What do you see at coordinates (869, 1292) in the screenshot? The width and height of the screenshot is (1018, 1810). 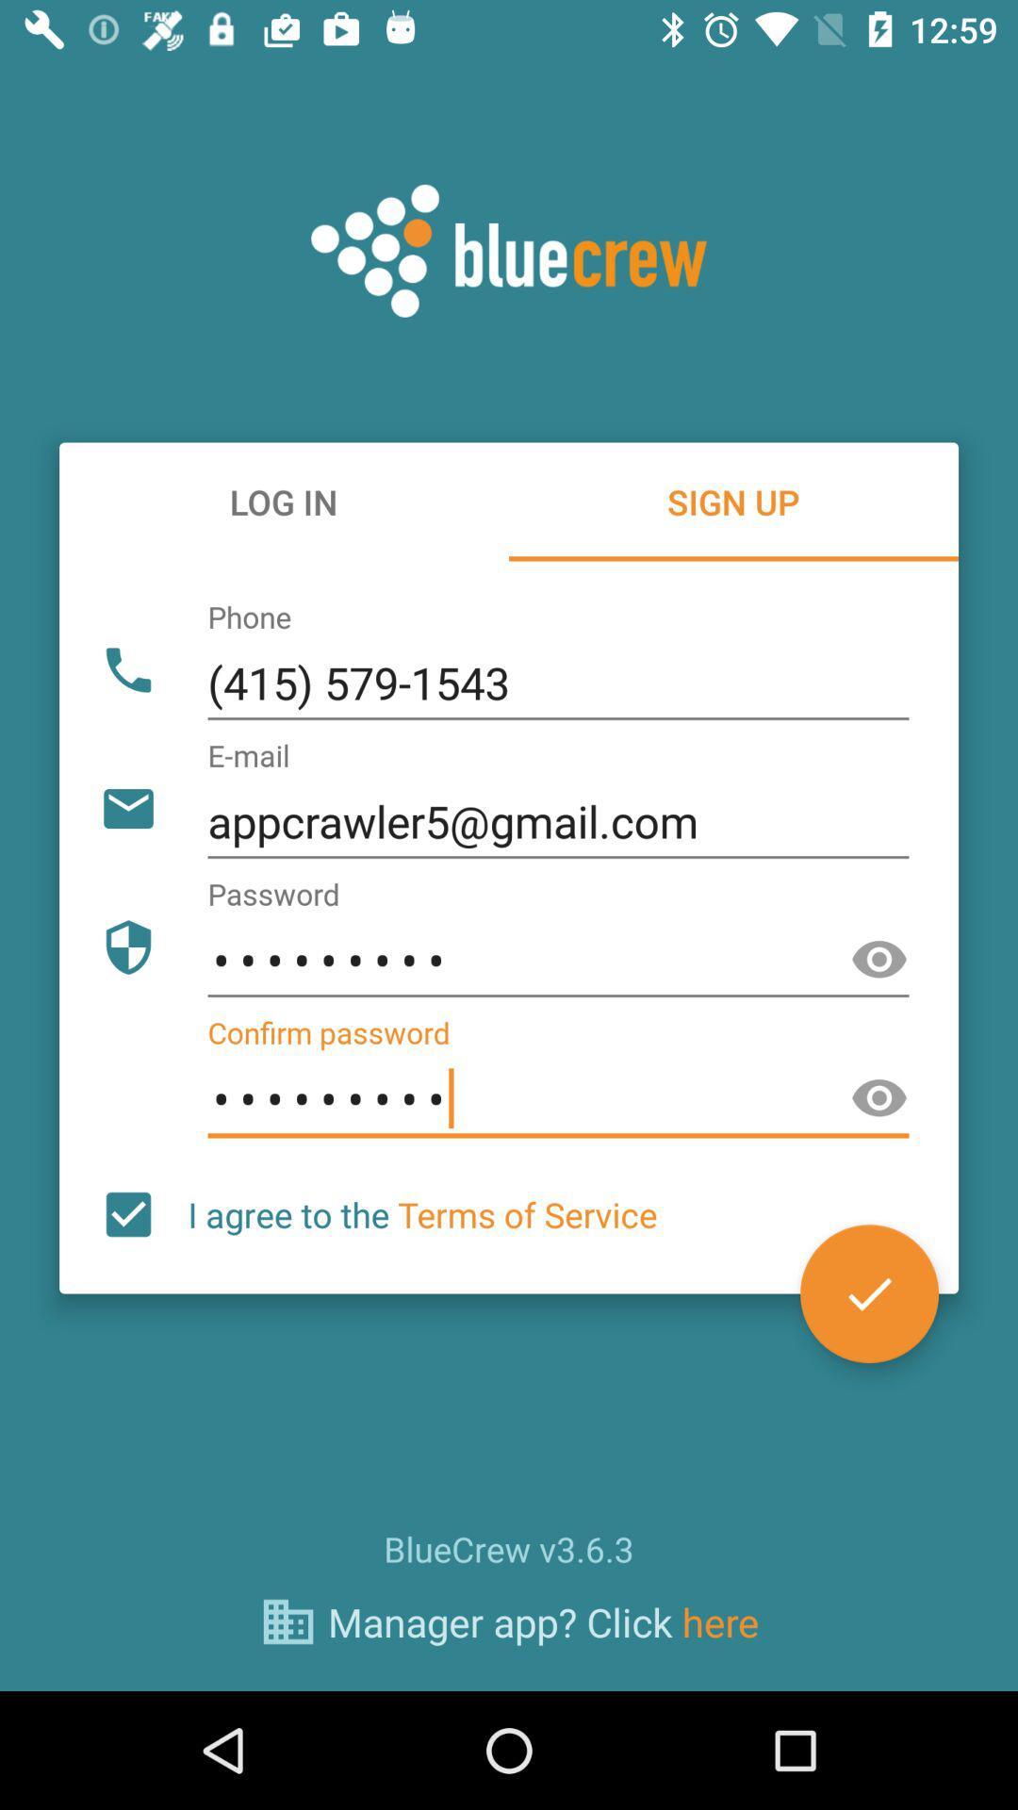 I see `favorite` at bounding box center [869, 1292].